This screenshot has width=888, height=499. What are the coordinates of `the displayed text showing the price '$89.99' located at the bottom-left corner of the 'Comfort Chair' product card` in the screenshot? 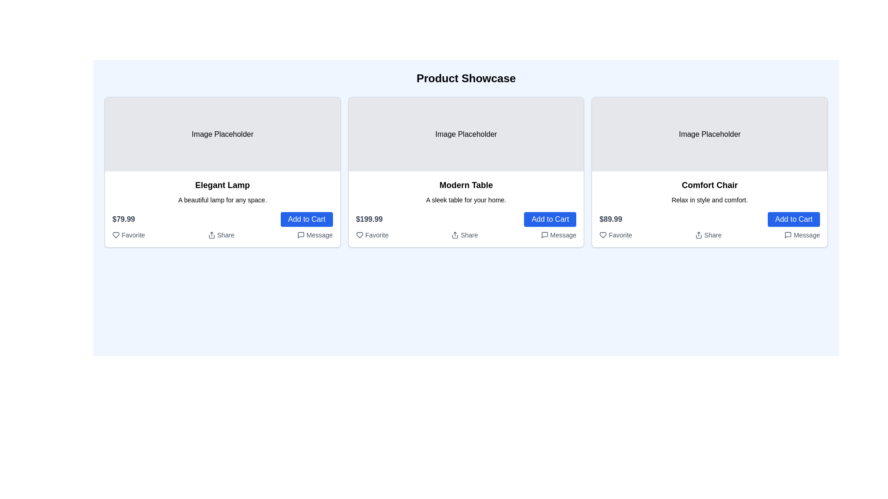 It's located at (610, 219).